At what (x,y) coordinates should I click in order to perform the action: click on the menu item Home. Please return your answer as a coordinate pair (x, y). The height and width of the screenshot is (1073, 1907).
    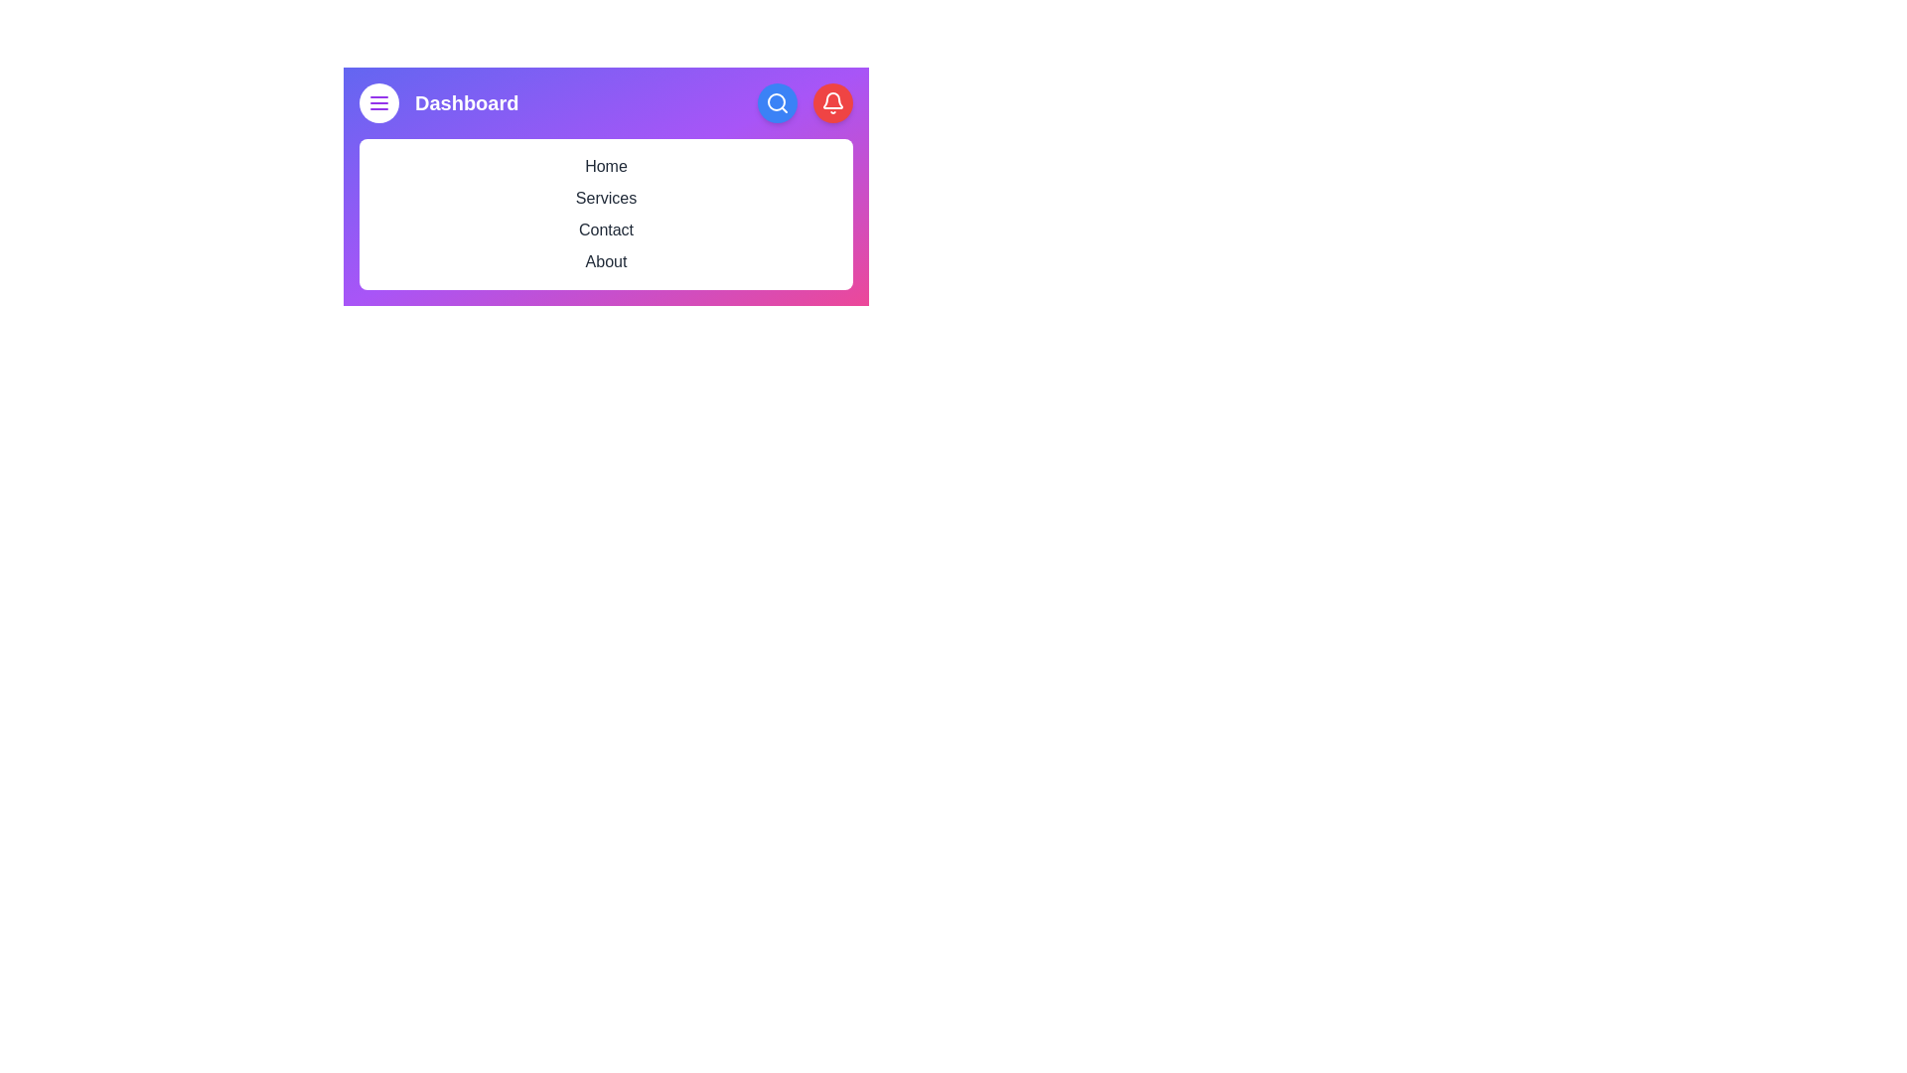
    Looking at the image, I should click on (605, 166).